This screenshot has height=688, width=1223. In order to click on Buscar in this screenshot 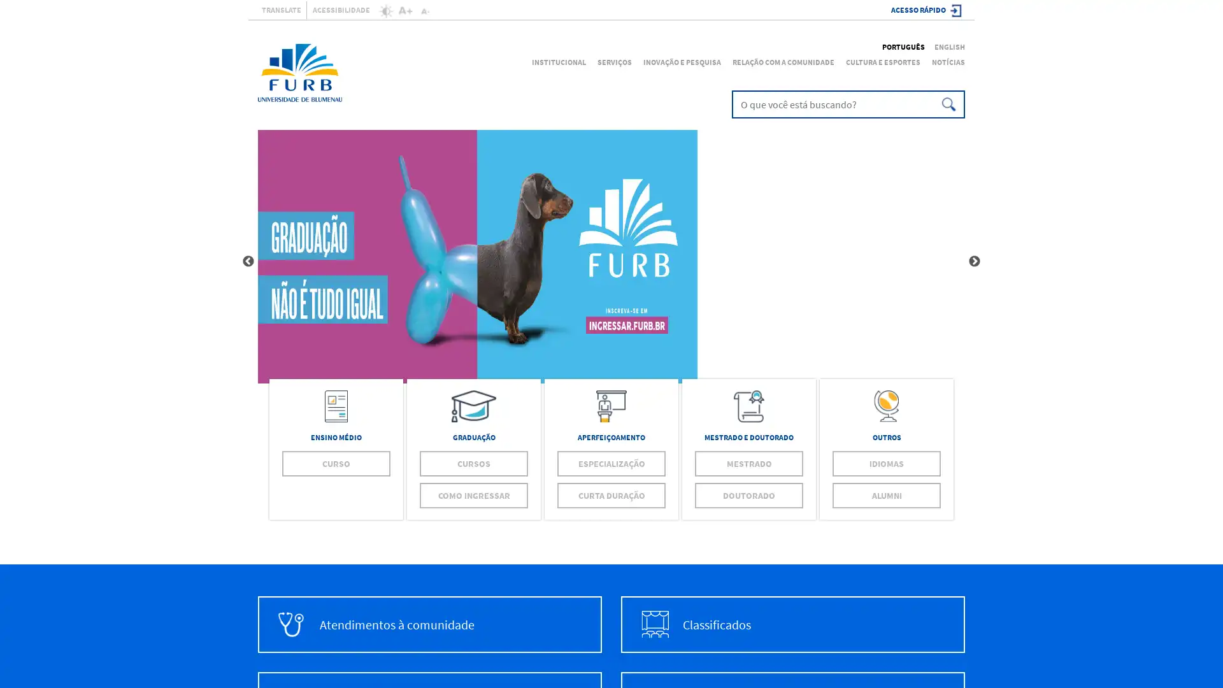, I will do `click(947, 104)`.